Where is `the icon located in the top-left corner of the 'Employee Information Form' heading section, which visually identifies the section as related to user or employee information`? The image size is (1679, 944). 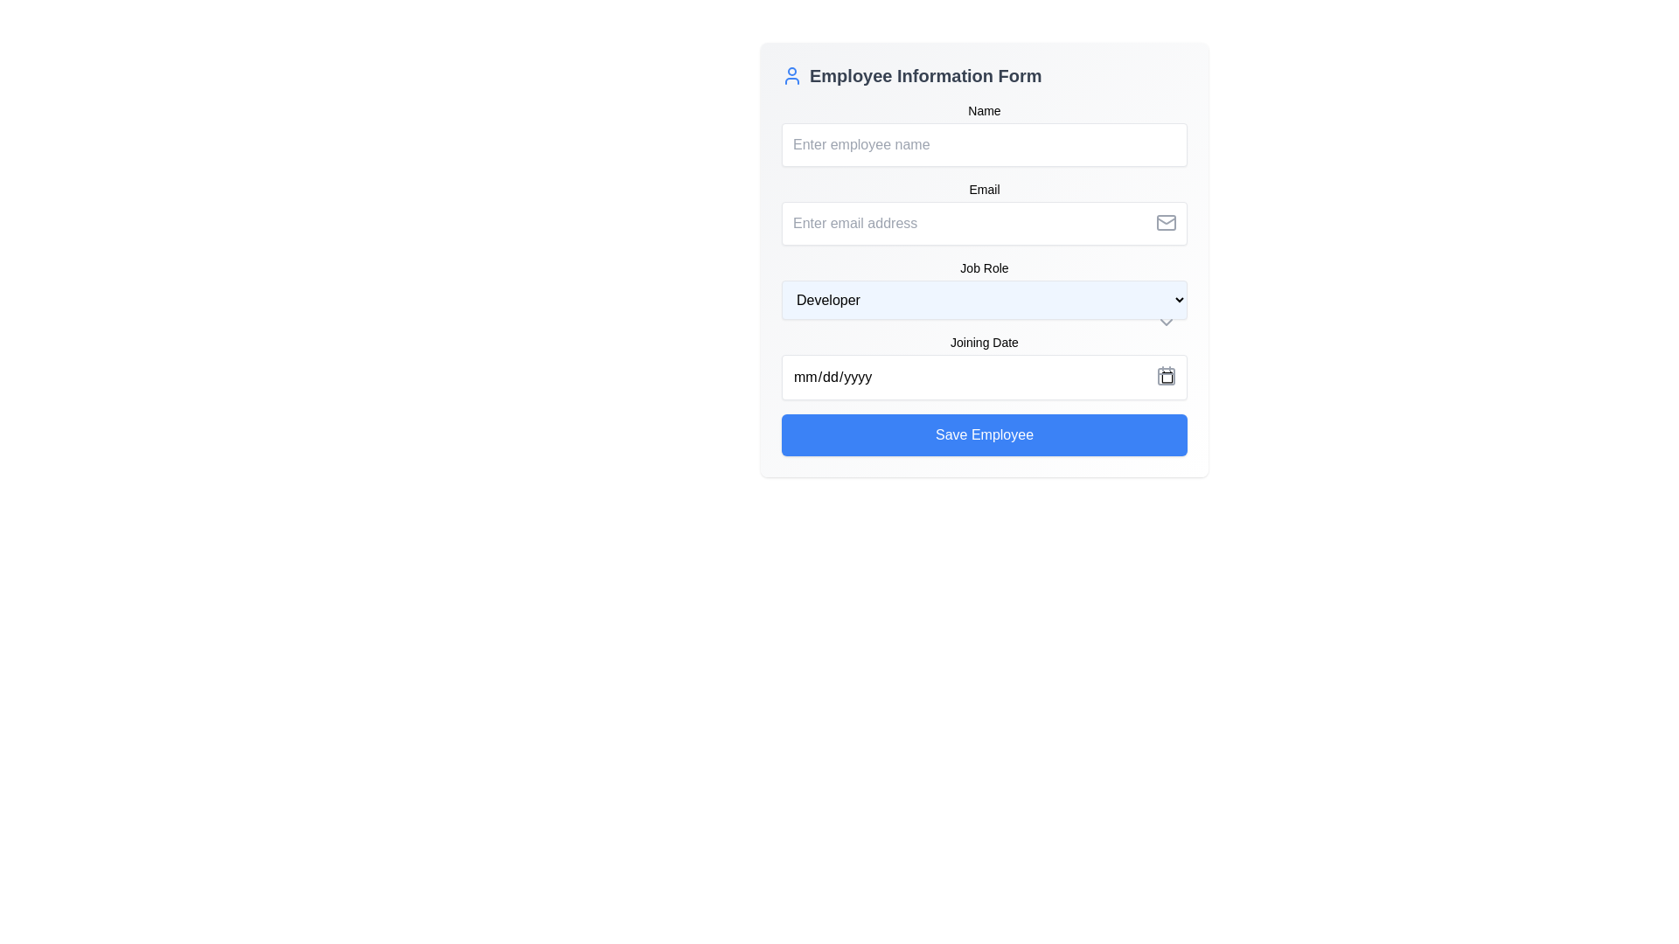
the icon located in the top-left corner of the 'Employee Information Form' heading section, which visually identifies the section as related to user or employee information is located at coordinates (791, 75).